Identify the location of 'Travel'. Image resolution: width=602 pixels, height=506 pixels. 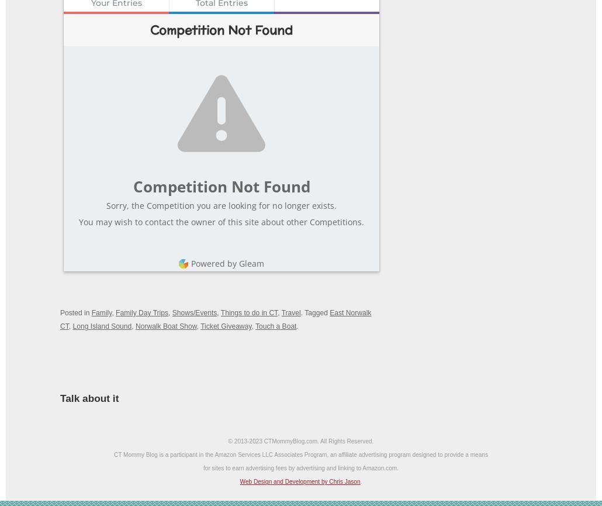
(290, 312).